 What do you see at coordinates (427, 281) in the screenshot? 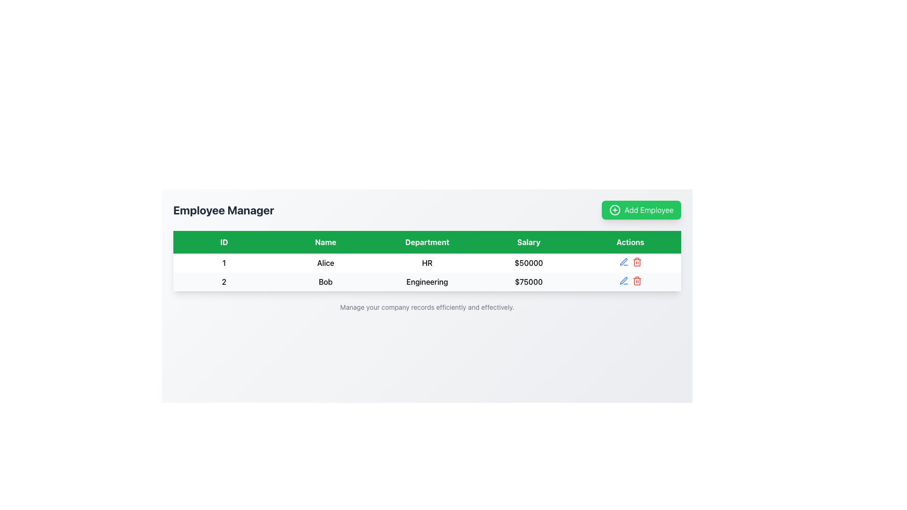
I see `the 'Engineering' text cell in the data table, which is located in the second row under the 'Department' column` at bounding box center [427, 281].